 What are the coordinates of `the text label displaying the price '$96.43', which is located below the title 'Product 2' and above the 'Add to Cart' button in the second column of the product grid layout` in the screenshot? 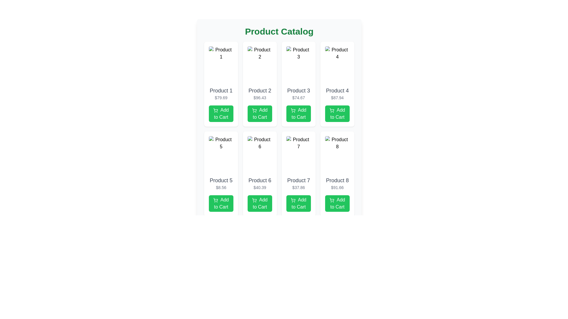 It's located at (260, 97).